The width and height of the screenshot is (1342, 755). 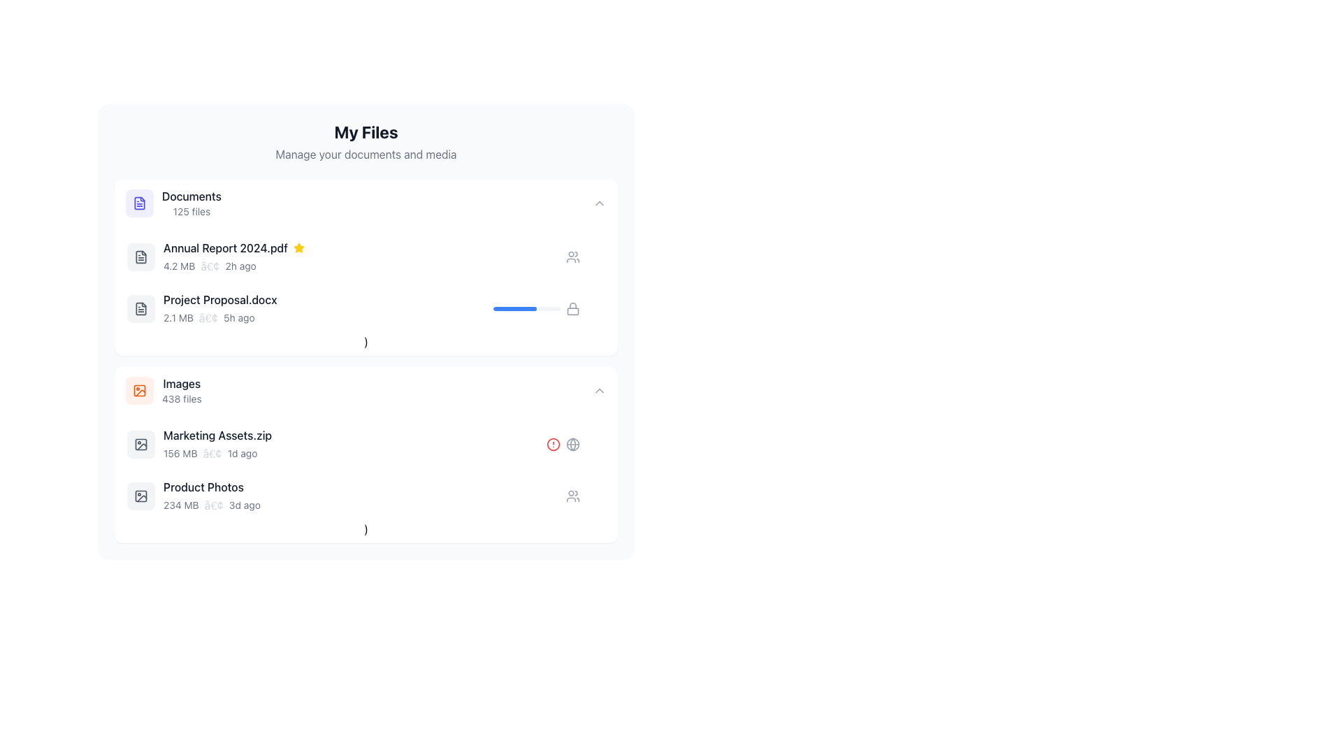 What do you see at coordinates (140, 257) in the screenshot?
I see `the document icon with a gray background and a paper document symbol` at bounding box center [140, 257].